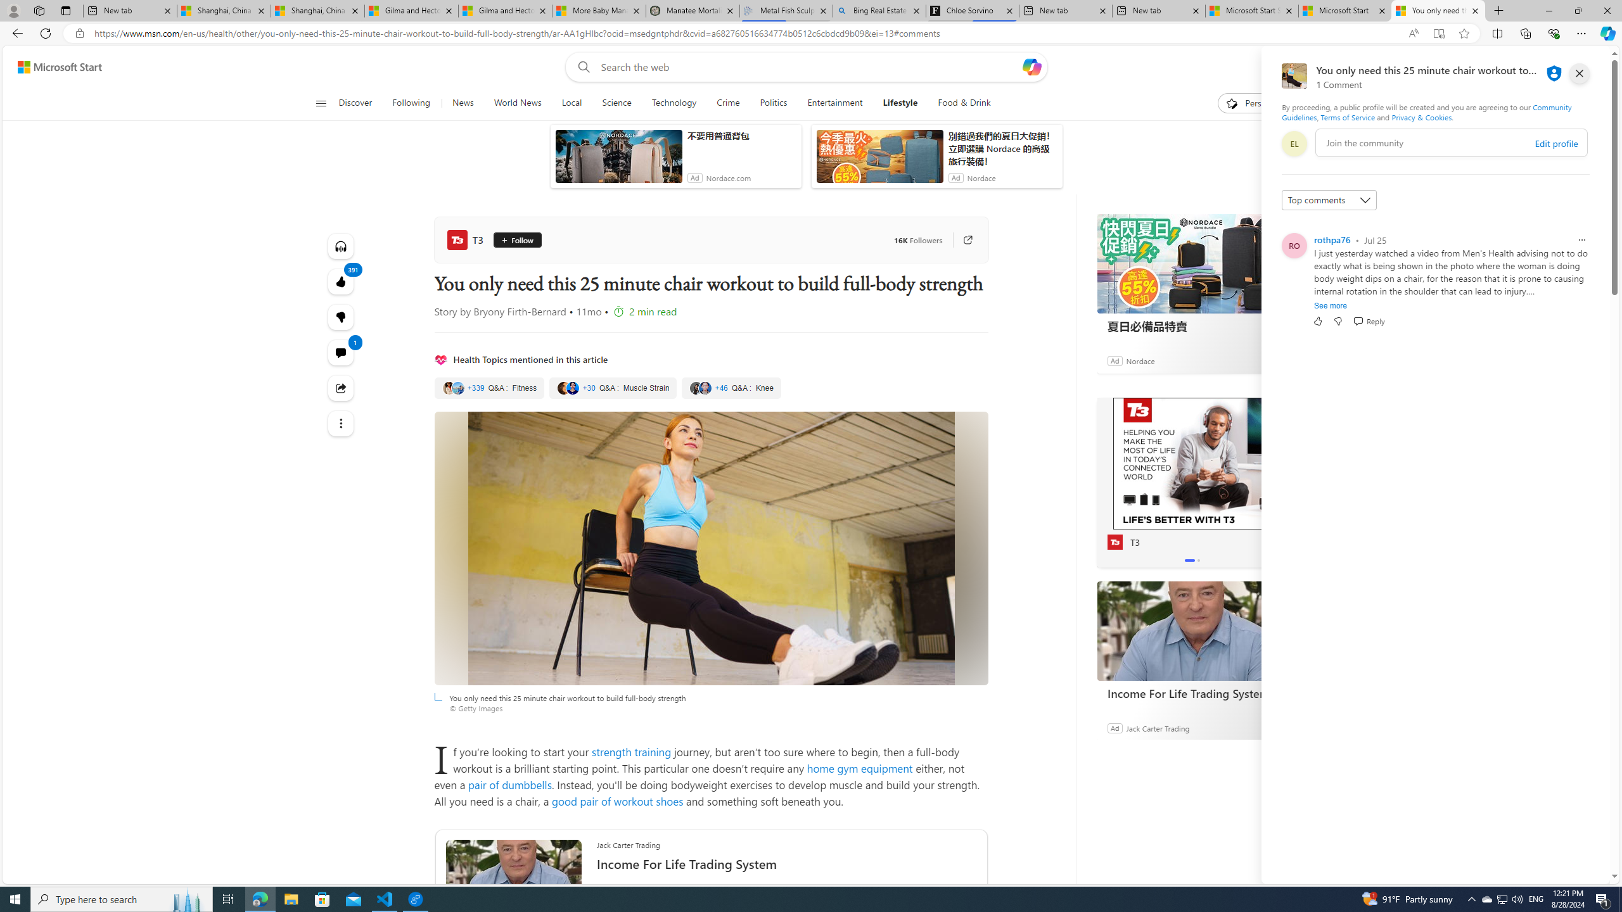 The image size is (1622, 912). I want to click on 'Skip to footer', so click(51, 66).